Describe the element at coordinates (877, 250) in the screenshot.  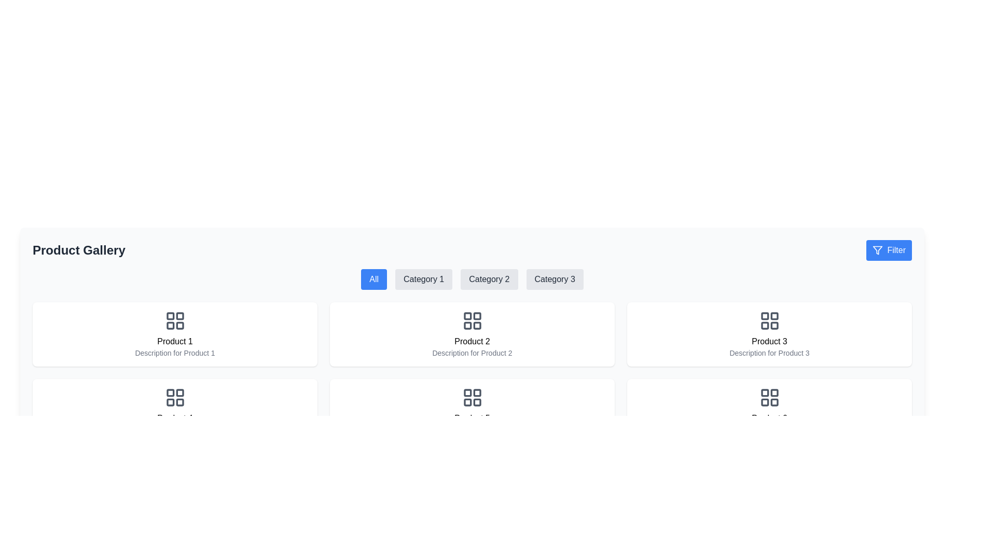
I see `the funnel icon within the 'Filter' button located at the top right of the interface` at that location.